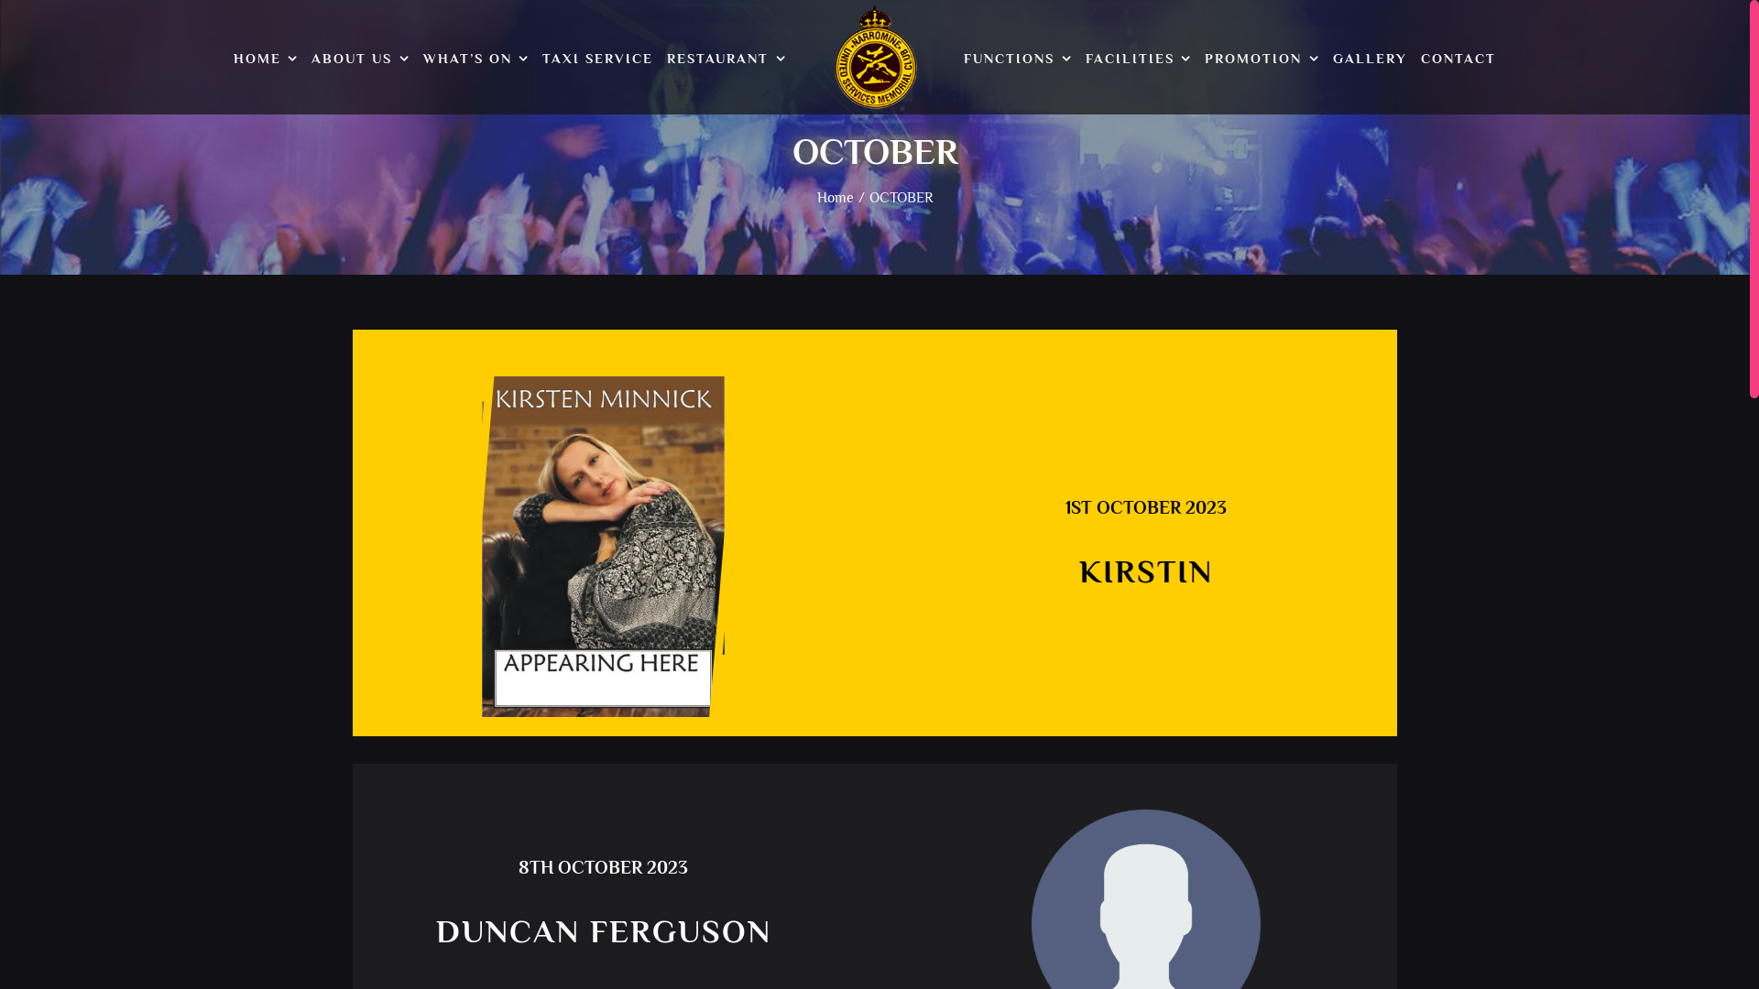  I want to click on 'CONTACT', so click(1458, 59).